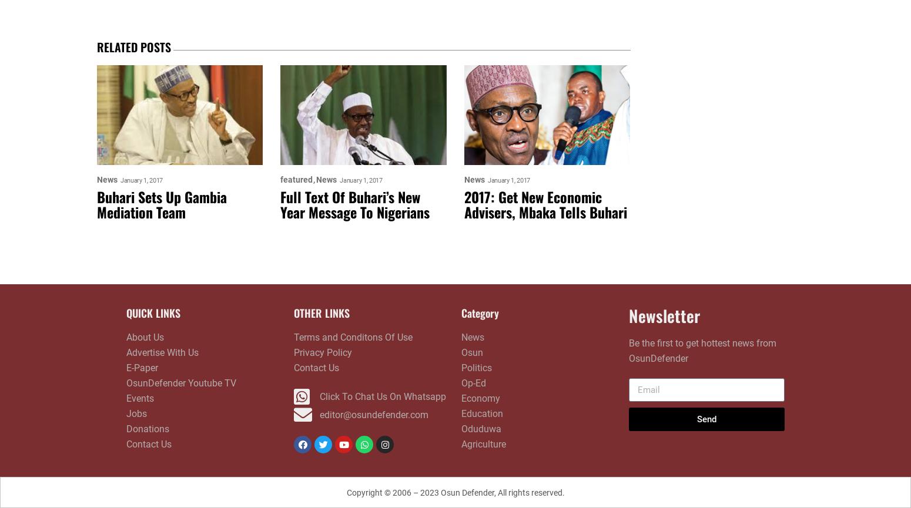  I want to click on 'Click To Chat Us On Whatsapp', so click(381, 396).